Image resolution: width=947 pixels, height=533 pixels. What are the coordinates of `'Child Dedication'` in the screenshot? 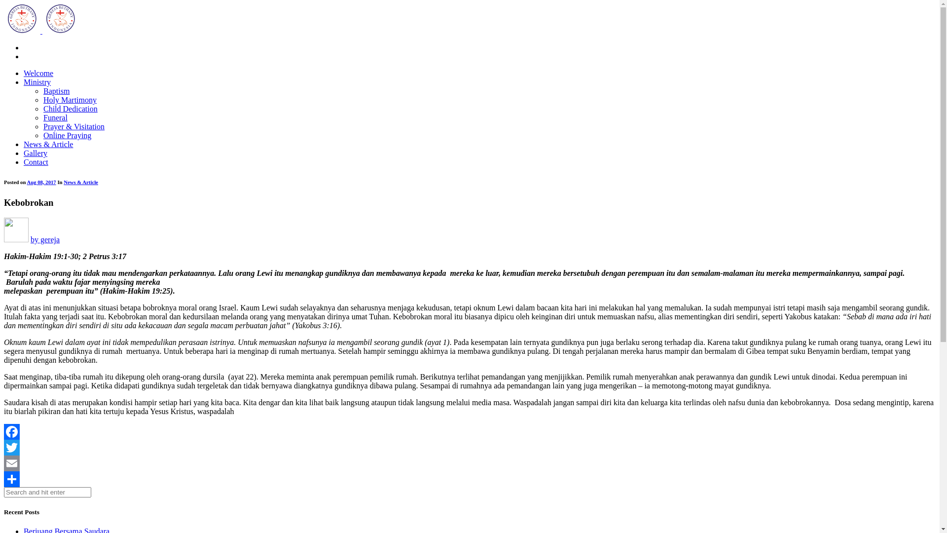 It's located at (70, 109).